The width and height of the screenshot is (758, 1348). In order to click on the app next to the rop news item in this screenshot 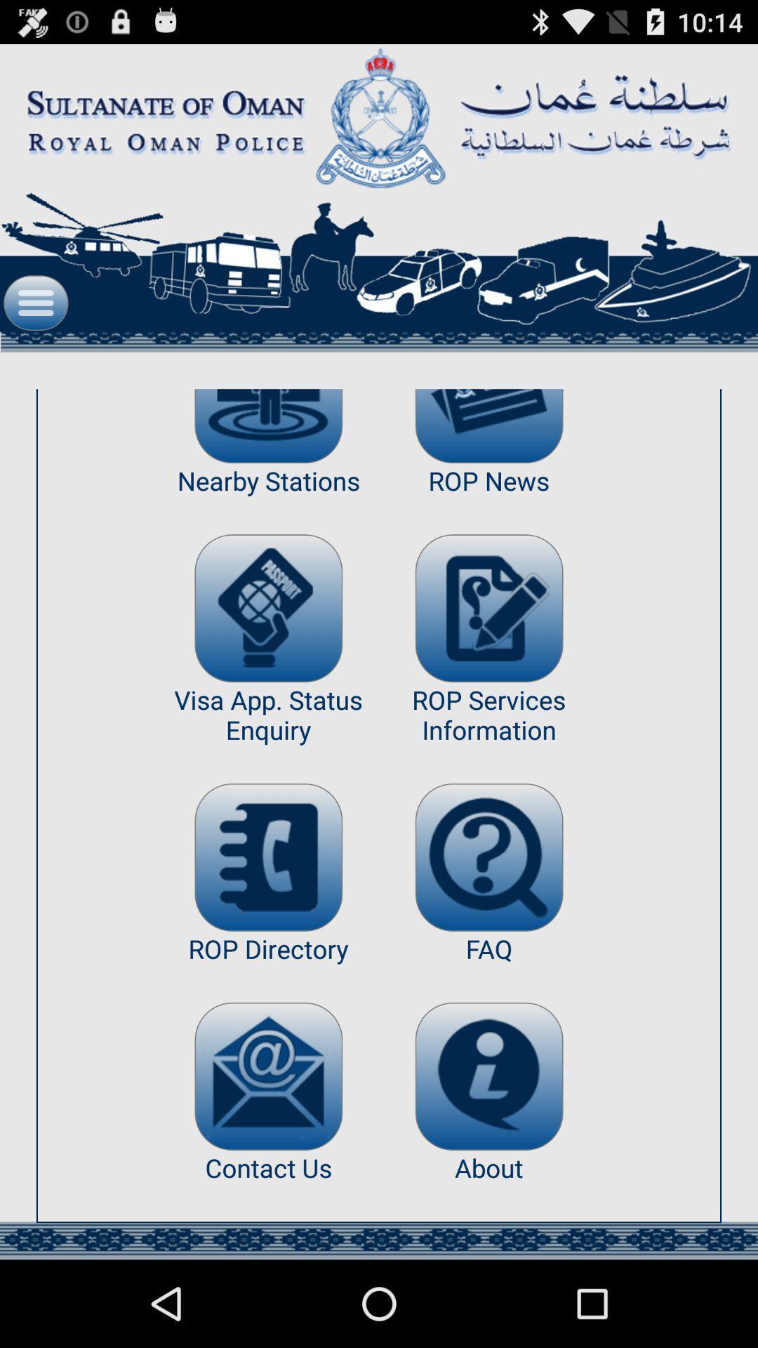, I will do `click(268, 608)`.